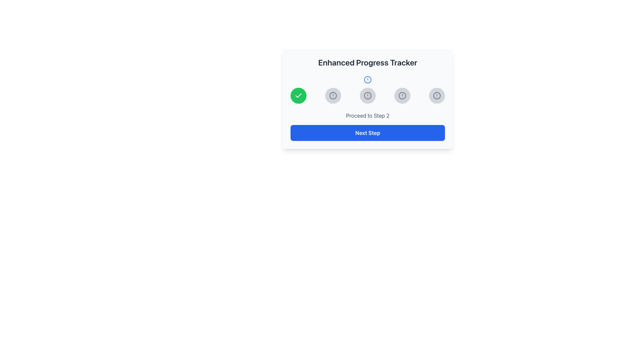  Describe the element at coordinates (402, 96) in the screenshot. I see `the fourth circular button in the multi-step process tracker, which has an embedded icon indicating it requires attention or provides information` at that location.